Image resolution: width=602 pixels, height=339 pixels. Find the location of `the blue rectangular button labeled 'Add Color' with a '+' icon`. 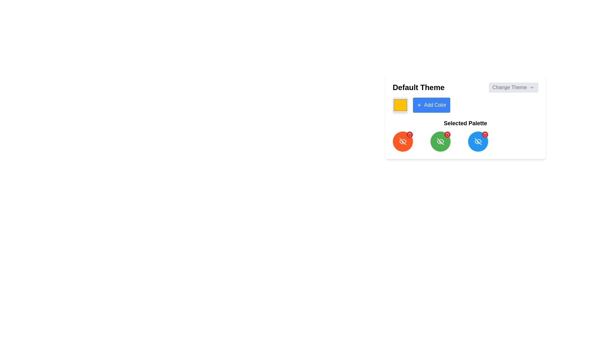

the blue rectangular button labeled 'Add Color' with a '+' icon is located at coordinates (435, 105).